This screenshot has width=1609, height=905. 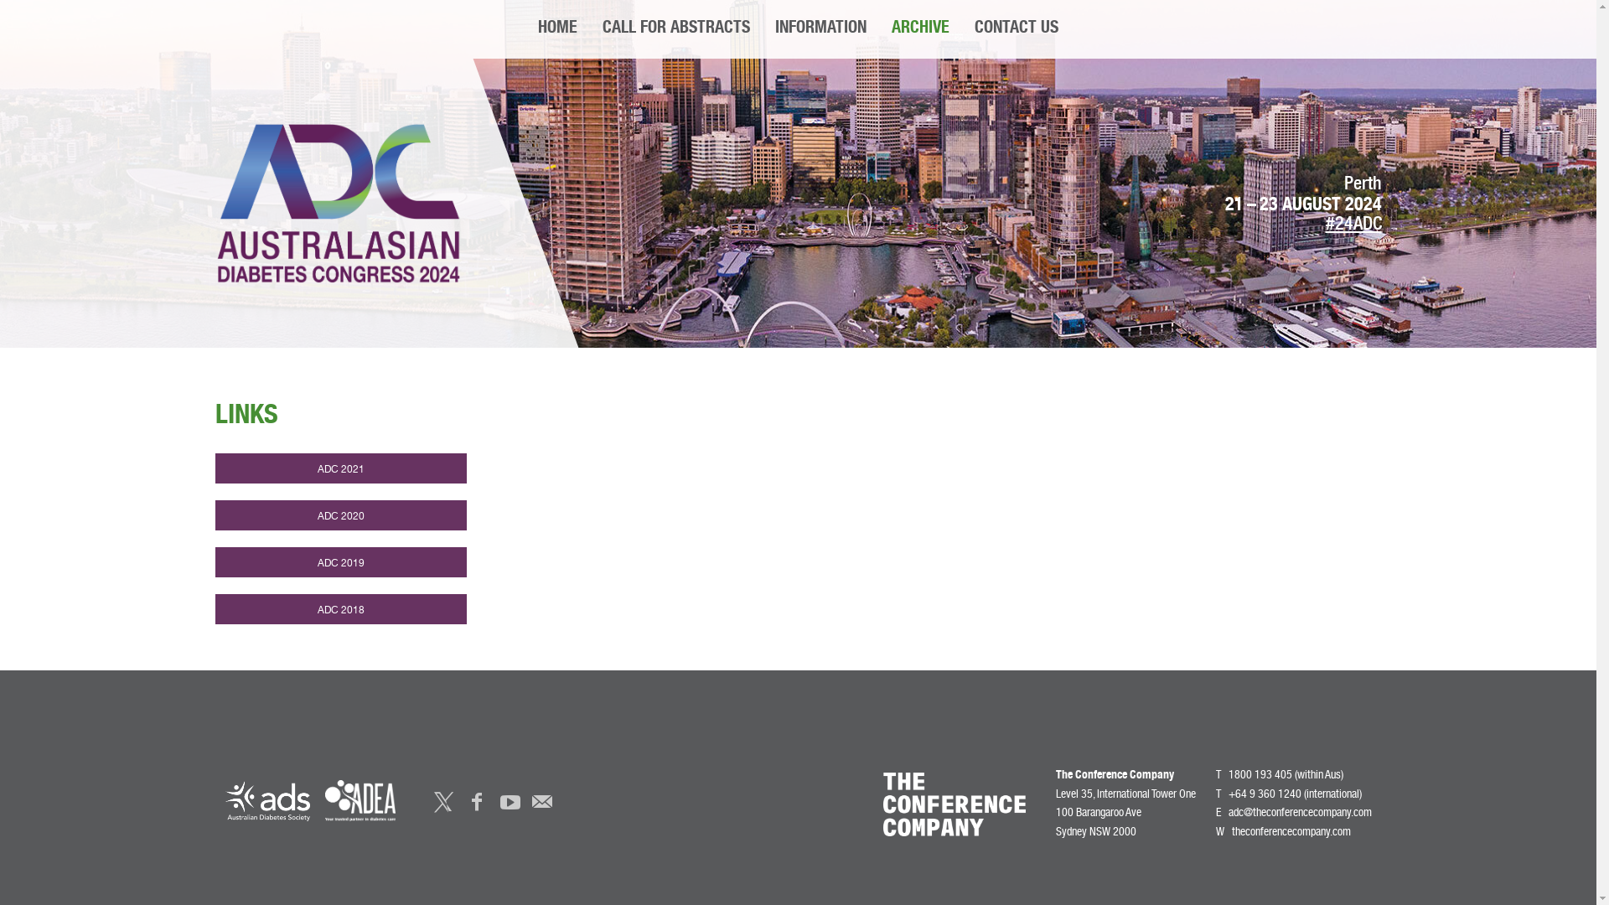 What do you see at coordinates (1353, 225) in the screenshot?
I see `'#24ADC'` at bounding box center [1353, 225].